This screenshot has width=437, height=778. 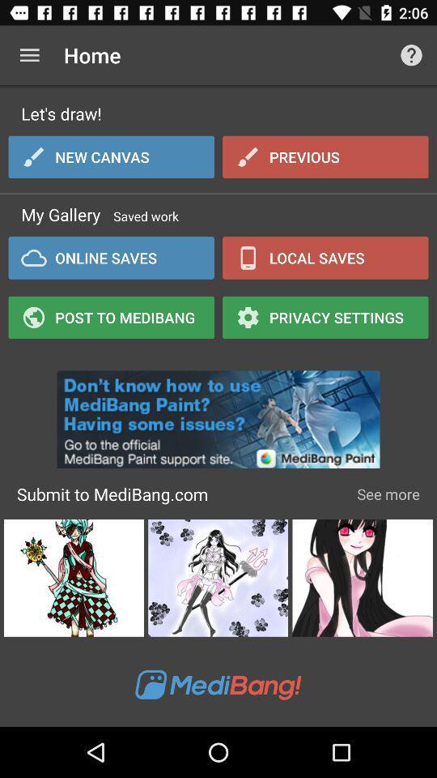 What do you see at coordinates (29, 55) in the screenshot?
I see `the icon to the left of home` at bounding box center [29, 55].